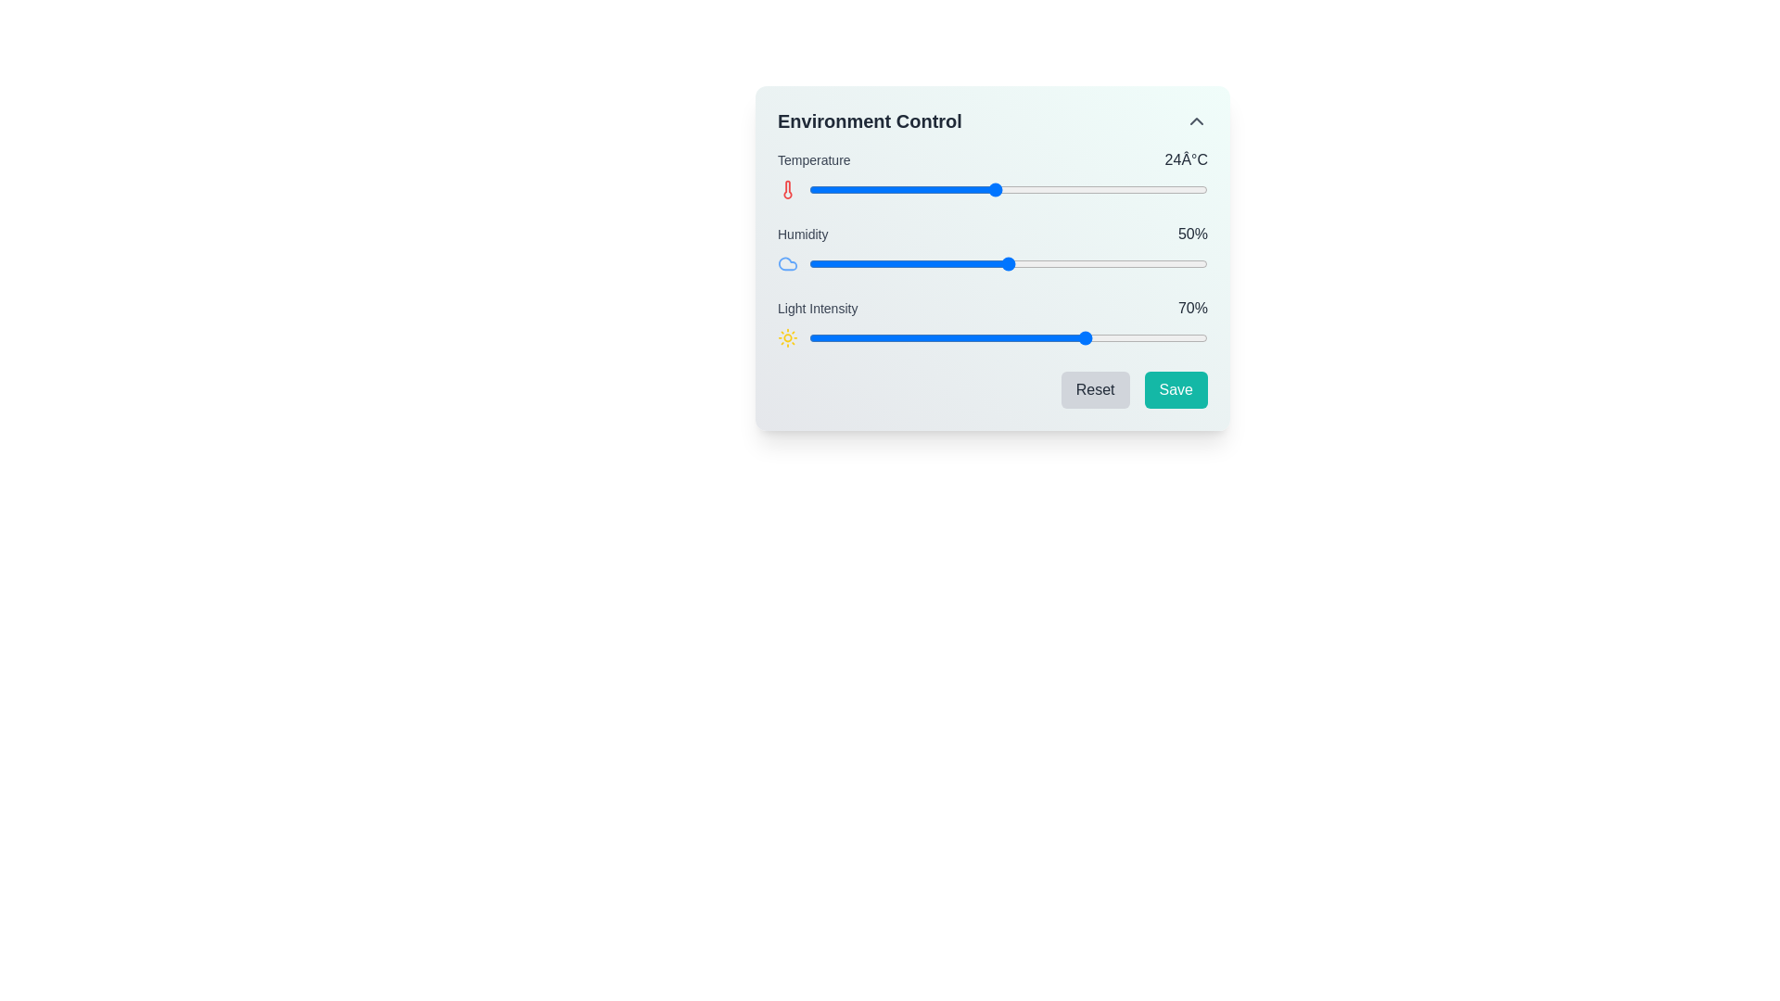  What do you see at coordinates (1044, 338) in the screenshot?
I see `light intensity` at bounding box center [1044, 338].